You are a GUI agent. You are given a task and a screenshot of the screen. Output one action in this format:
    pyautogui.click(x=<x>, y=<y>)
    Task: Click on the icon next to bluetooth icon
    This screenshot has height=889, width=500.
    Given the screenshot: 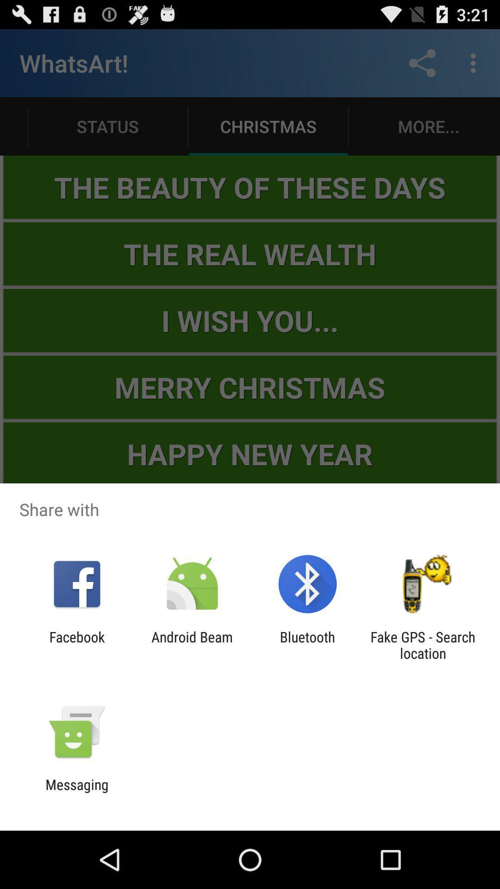 What is the action you would take?
    pyautogui.click(x=423, y=645)
    